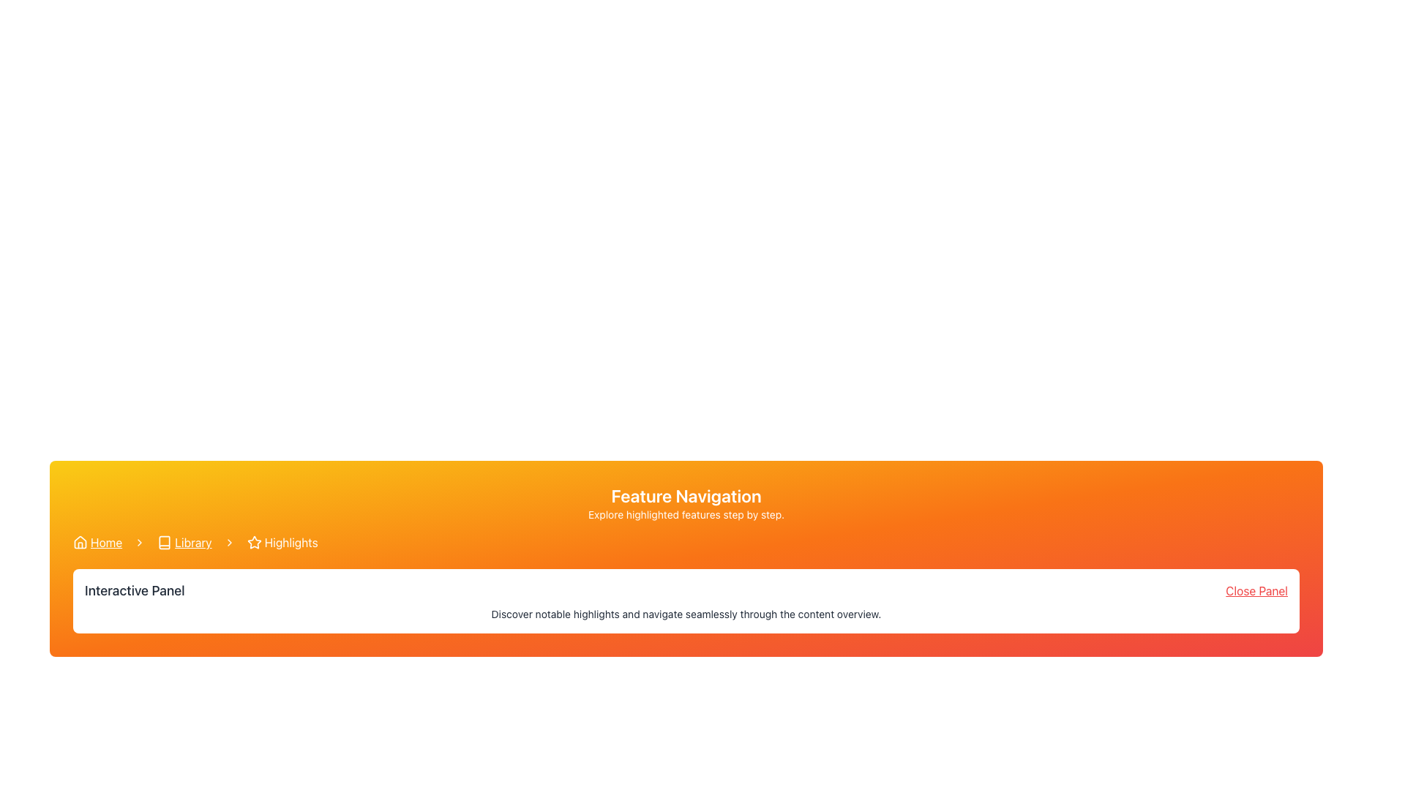  Describe the element at coordinates (140, 542) in the screenshot. I see `the first right-pointing chevron icon in the breadcrumb navigation bar, which has a white stroke and a transparent background, immediately following the 'Home' text link` at that location.